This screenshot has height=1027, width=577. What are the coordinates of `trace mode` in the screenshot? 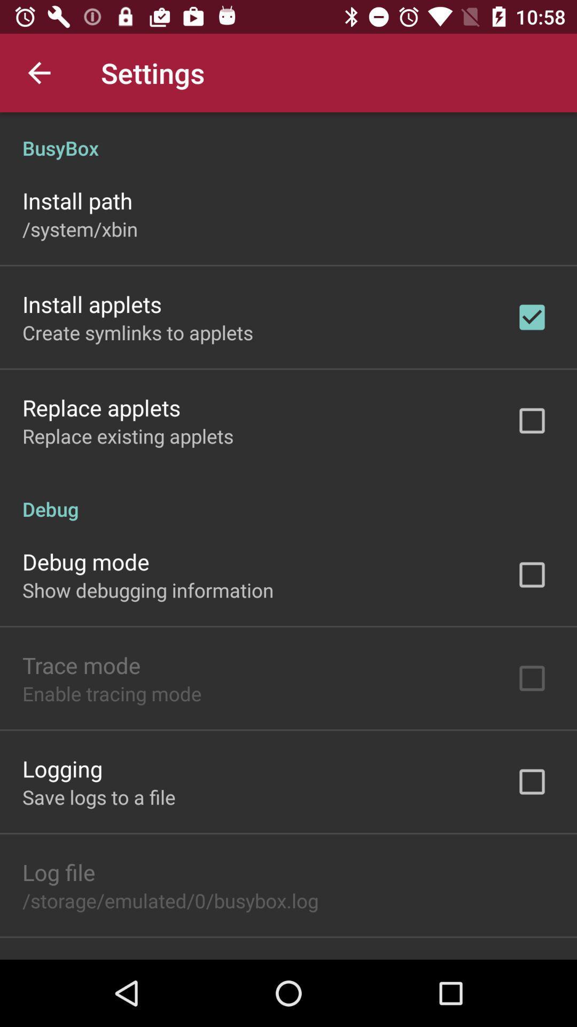 It's located at (81, 664).